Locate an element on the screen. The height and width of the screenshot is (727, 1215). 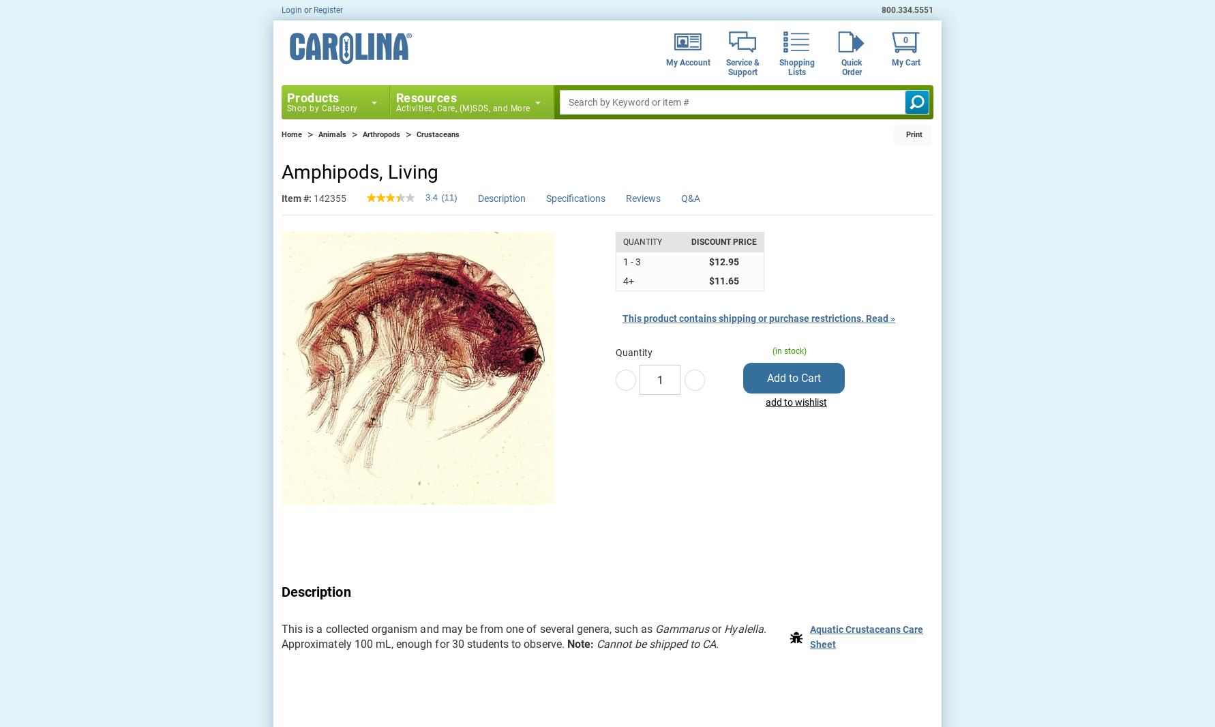
'Shop by Category' is located at coordinates (321, 108).